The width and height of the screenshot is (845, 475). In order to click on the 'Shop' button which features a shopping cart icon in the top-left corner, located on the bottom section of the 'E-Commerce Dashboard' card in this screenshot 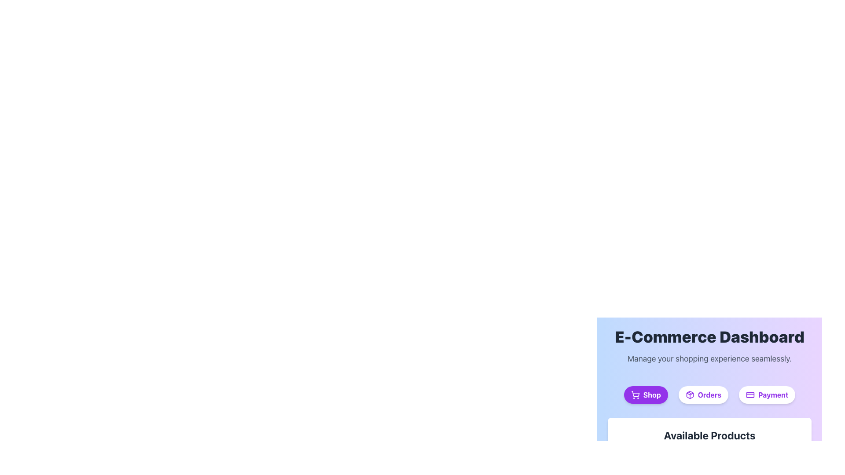, I will do `click(635, 393)`.